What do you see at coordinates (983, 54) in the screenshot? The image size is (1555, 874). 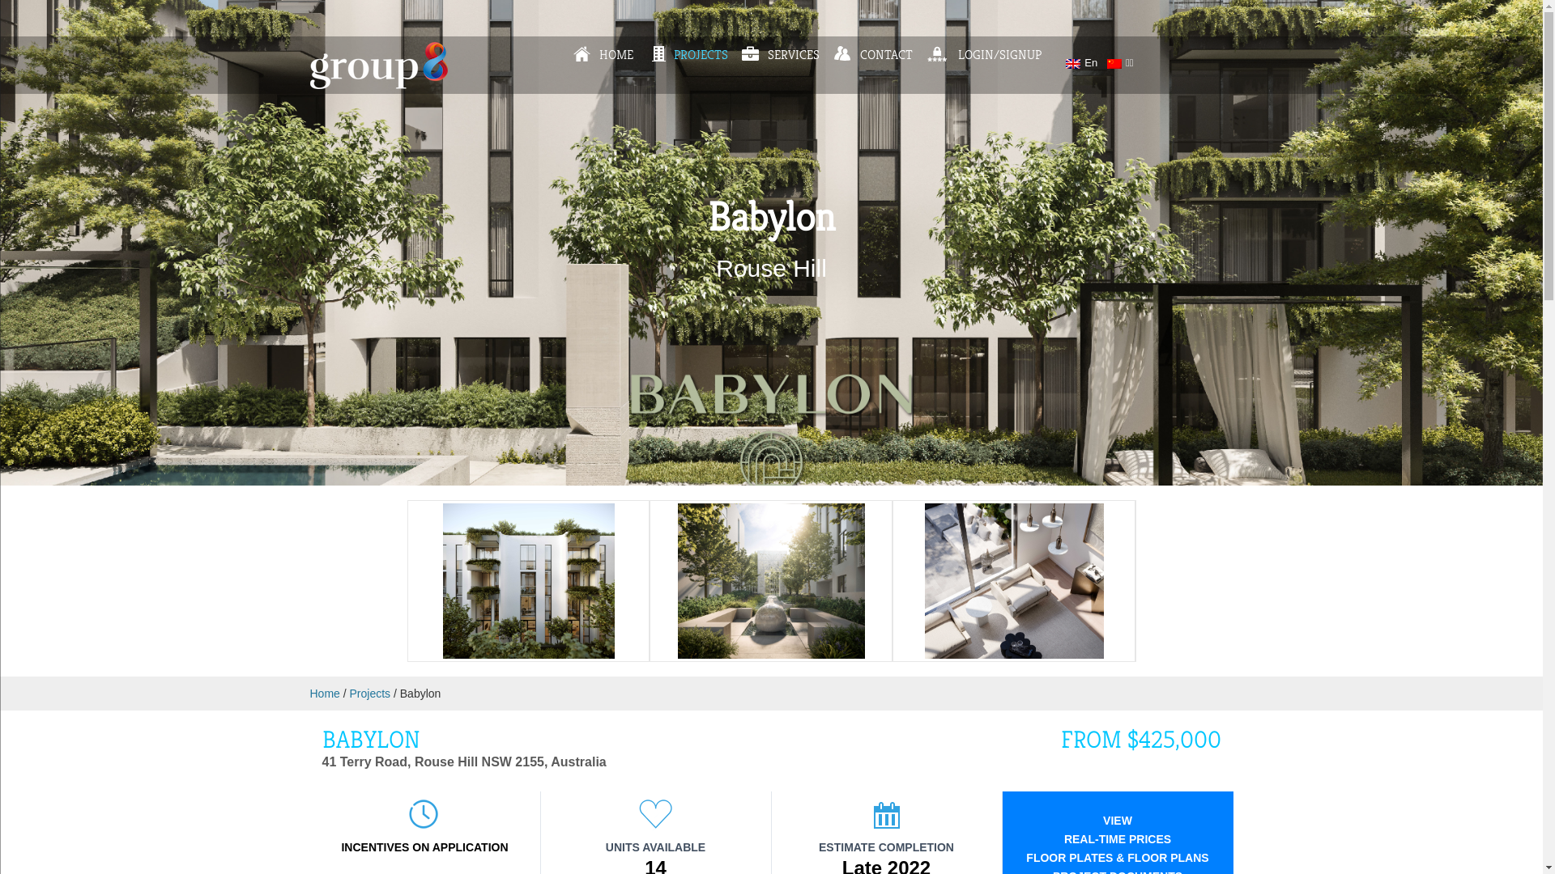 I see `'LOGIN/SIGNUP'` at bounding box center [983, 54].